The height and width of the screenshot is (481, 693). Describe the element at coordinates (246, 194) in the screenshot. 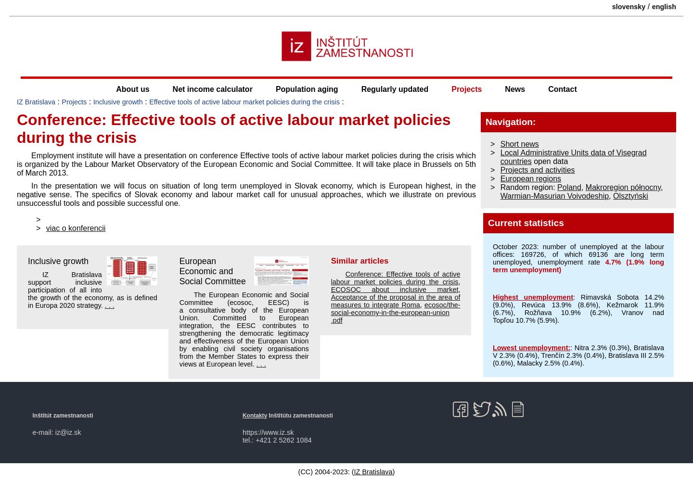

I see `'In the presentation we will focus on situation of long term unemployed in Slovak economy, which is European highest, in the negative sense. The specifics of Slovak economy and labour market call for unusual approaches, which we illustrate on previous unsuccessful tools and possible successful one.'` at that location.